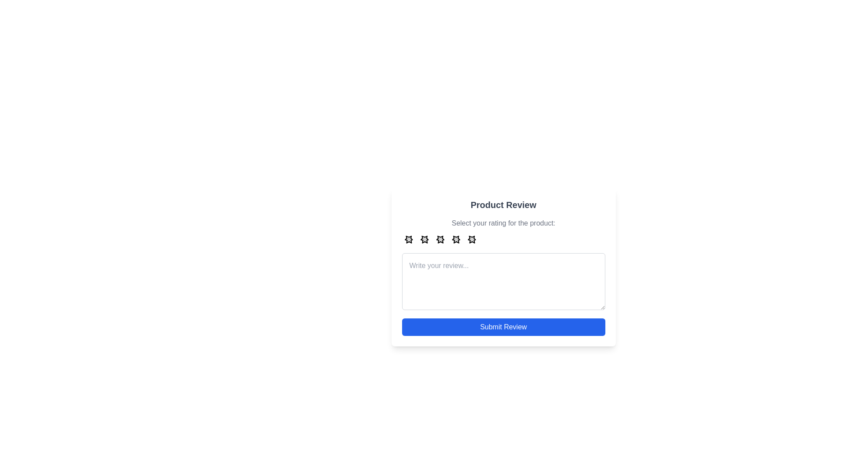 Image resolution: width=841 pixels, height=473 pixels. Describe the element at coordinates (456, 239) in the screenshot. I see `the star representing 4 stars to preview the rating` at that location.